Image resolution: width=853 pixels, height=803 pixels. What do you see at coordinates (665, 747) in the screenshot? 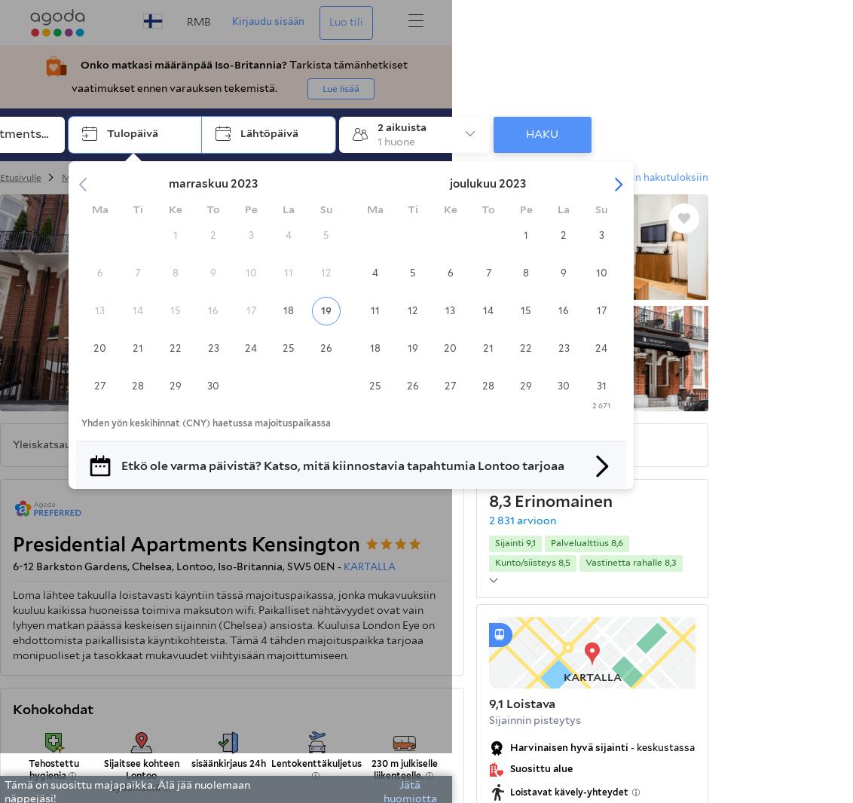
I see `'keskustassa'` at bounding box center [665, 747].